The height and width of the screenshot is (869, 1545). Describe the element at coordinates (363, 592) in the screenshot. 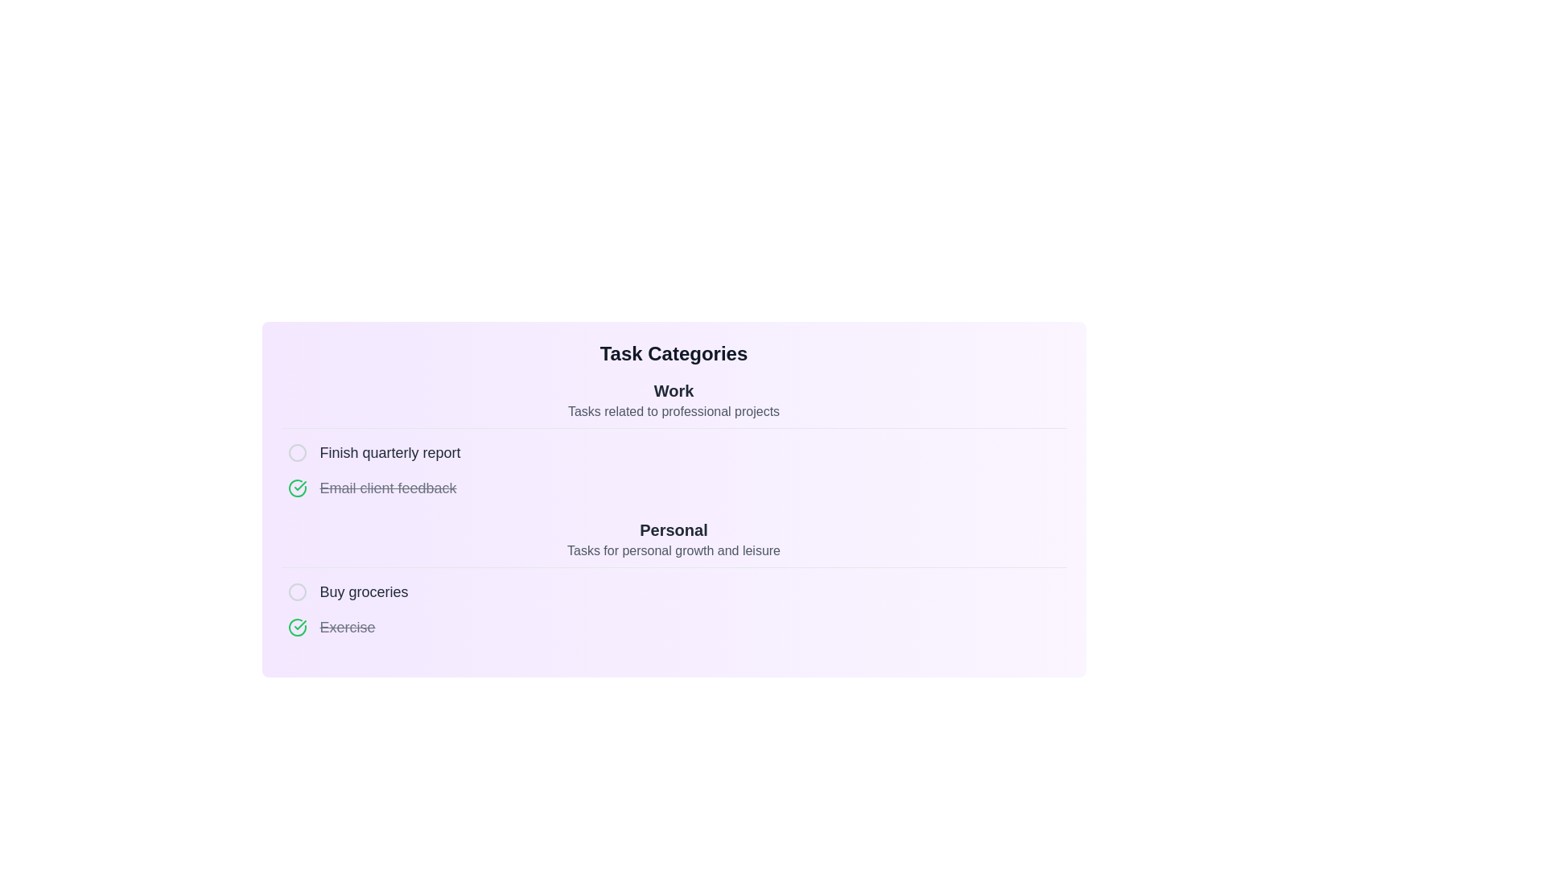

I see `the text label displaying 'Buy groceries' in the 'Personal' section of the to-do list` at that location.